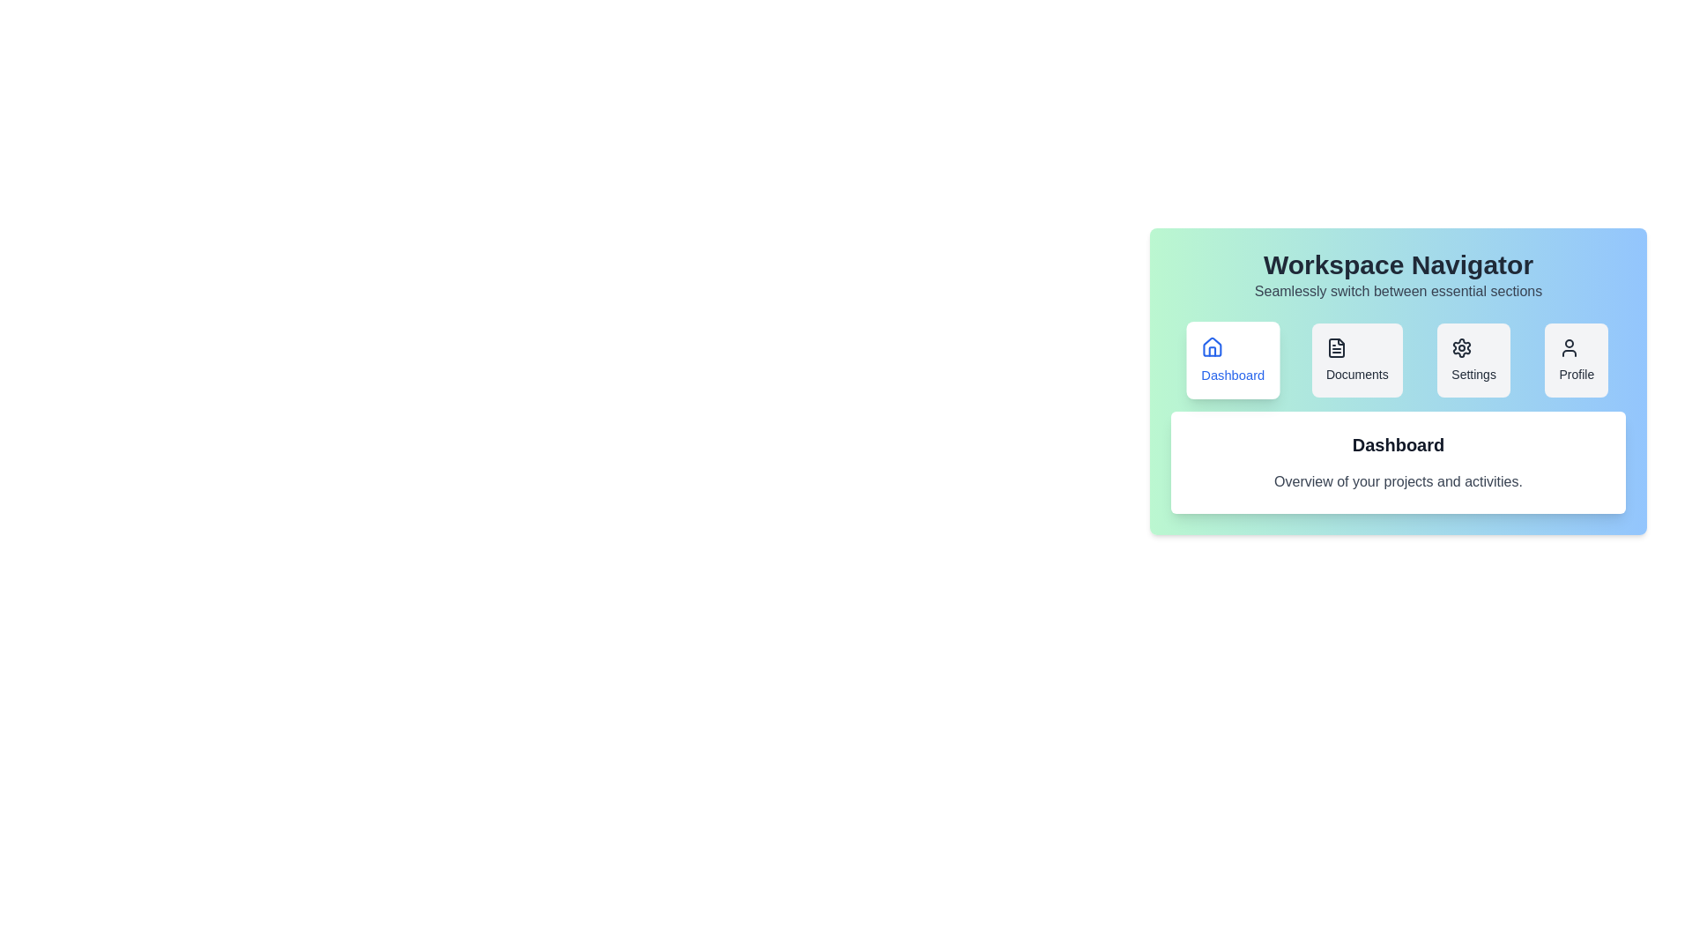  I want to click on the Dashboard tab, so click(1232, 359).